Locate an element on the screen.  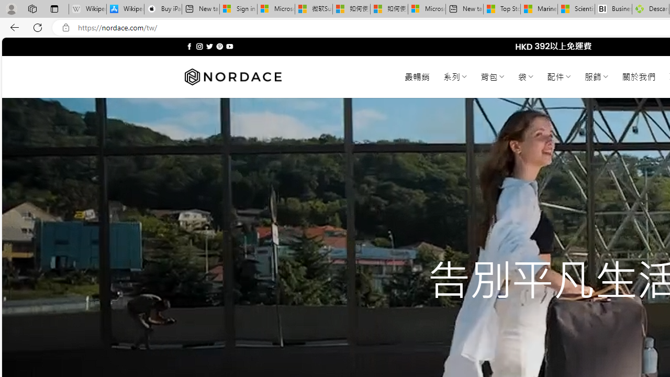
'Follow on Pinterest' is located at coordinates (219, 46).